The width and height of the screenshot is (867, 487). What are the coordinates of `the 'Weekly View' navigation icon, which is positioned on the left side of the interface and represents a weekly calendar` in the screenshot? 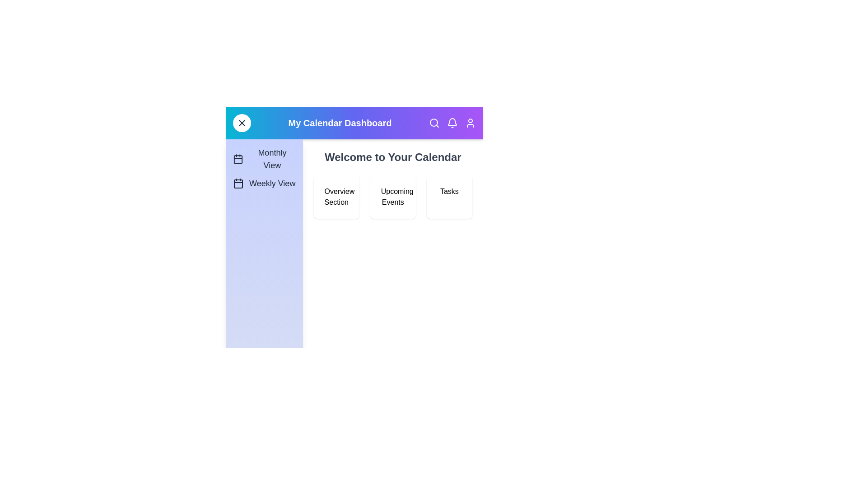 It's located at (238, 183).